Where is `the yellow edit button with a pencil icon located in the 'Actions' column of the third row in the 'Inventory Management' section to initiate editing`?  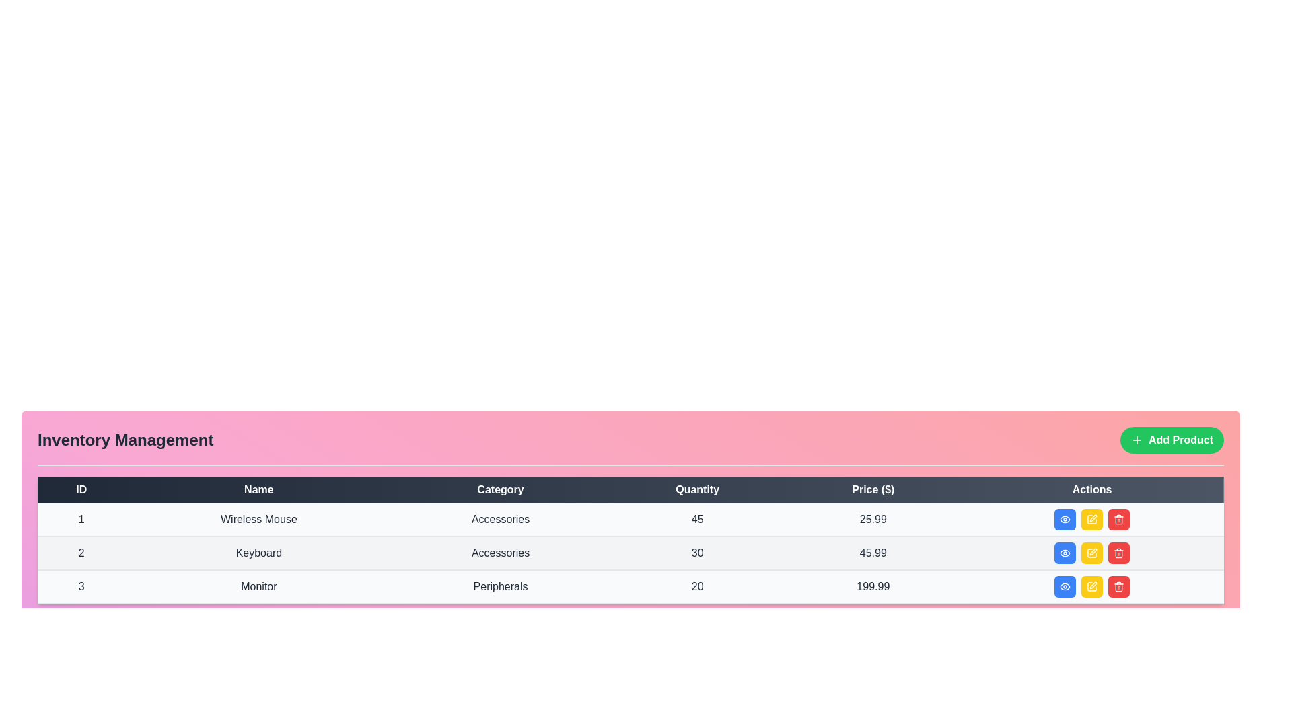 the yellow edit button with a pencil icon located in the 'Actions' column of the third row in the 'Inventory Management' section to initiate editing is located at coordinates (1092, 586).